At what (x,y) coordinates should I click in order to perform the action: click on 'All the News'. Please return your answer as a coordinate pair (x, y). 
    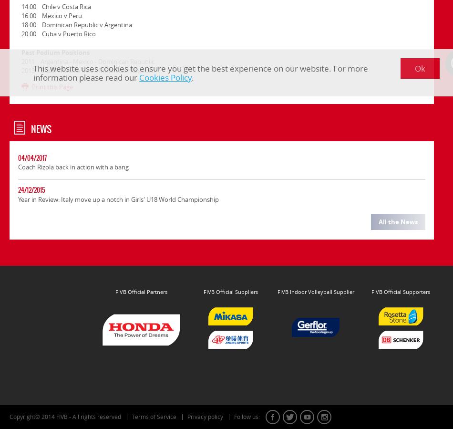
    Looking at the image, I should click on (397, 221).